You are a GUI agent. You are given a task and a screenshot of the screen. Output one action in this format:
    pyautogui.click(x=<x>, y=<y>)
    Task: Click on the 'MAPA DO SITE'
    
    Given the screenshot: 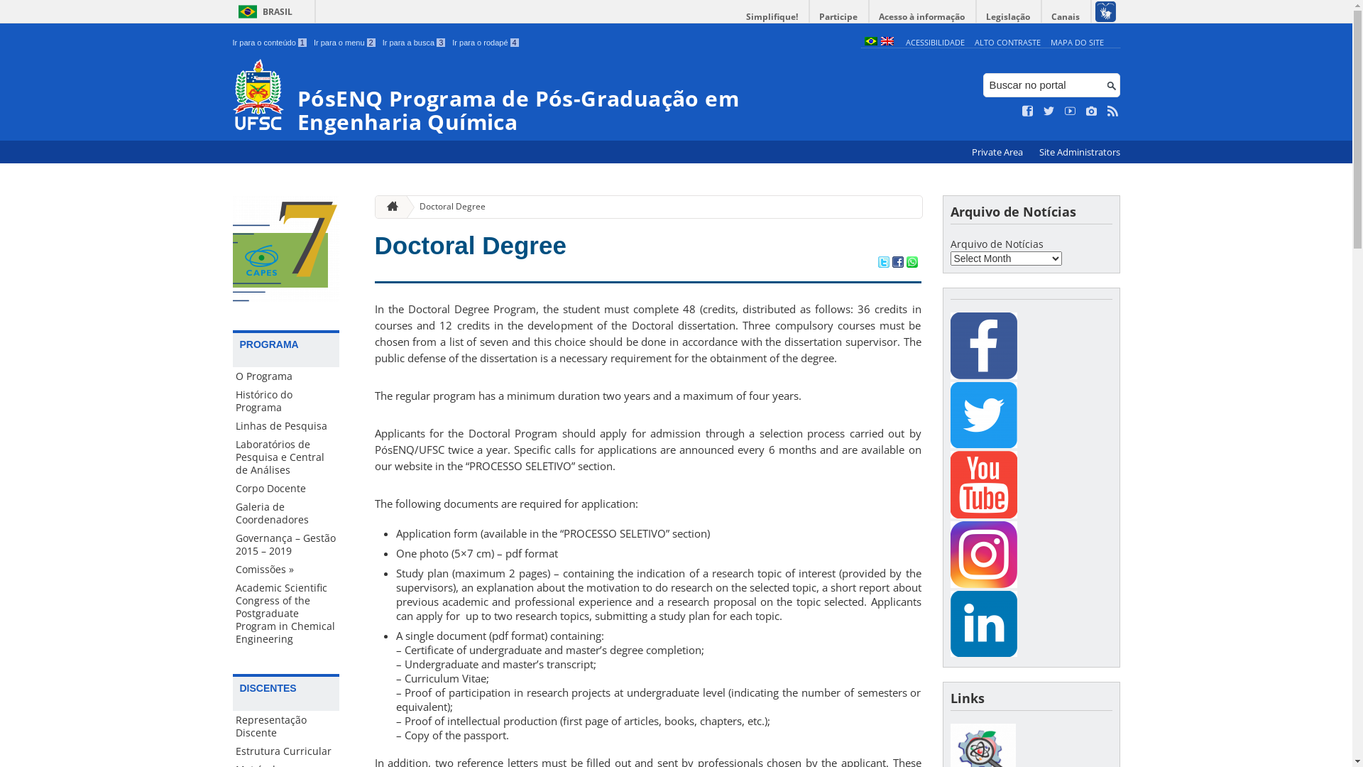 What is the action you would take?
    pyautogui.click(x=1077, y=41)
    